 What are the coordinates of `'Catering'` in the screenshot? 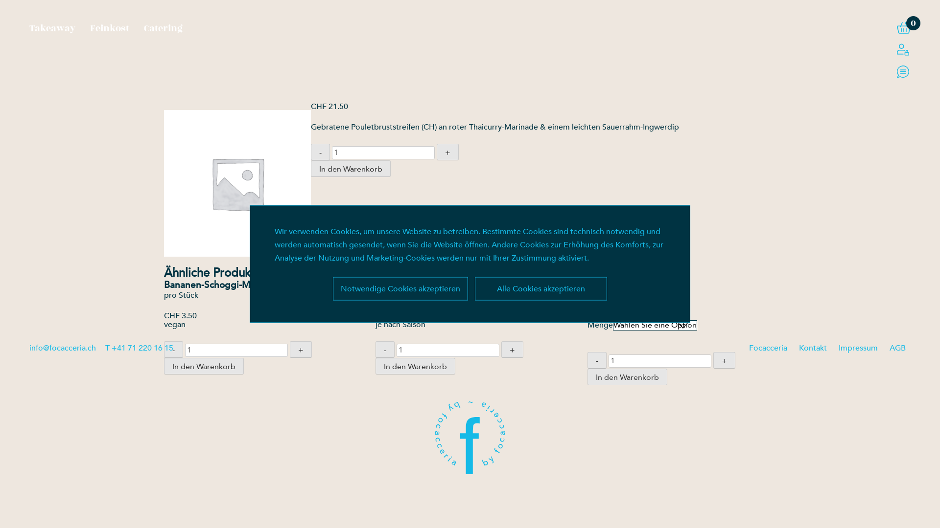 It's located at (143, 27).